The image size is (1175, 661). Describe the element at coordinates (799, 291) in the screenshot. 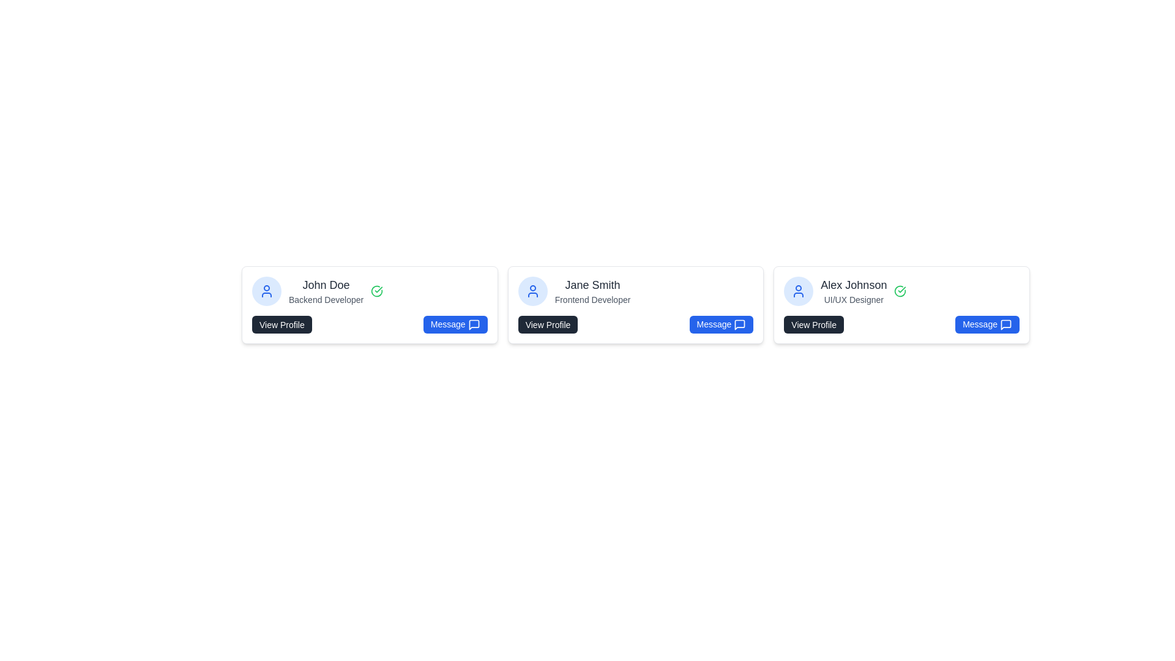

I see `the avatar icon representing 'Alex Johnson', which is the leftmost icon in the third profile card, located next to the text 'Alex Johnson'` at that location.